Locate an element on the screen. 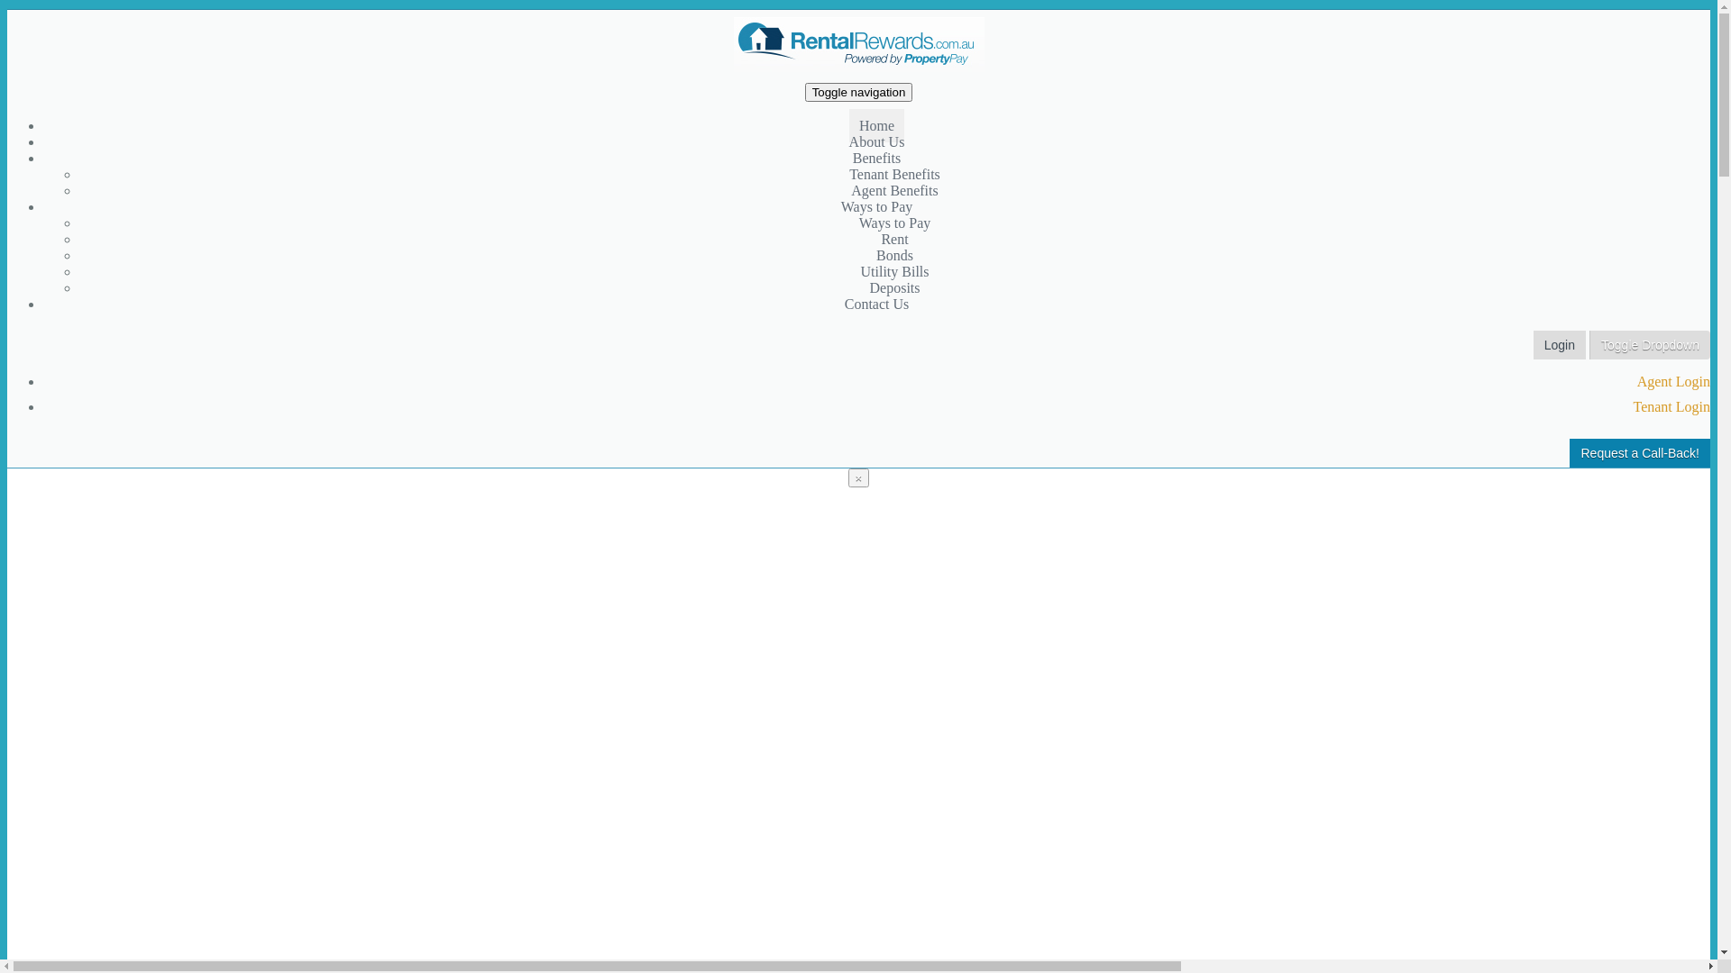 This screenshot has width=1731, height=973. 'Request a Call-Back!' is located at coordinates (1640, 451).